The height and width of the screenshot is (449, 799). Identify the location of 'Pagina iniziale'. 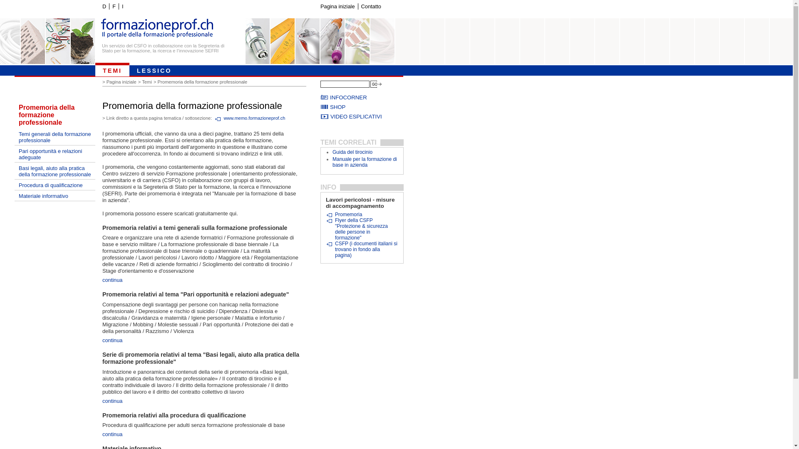
(337, 6).